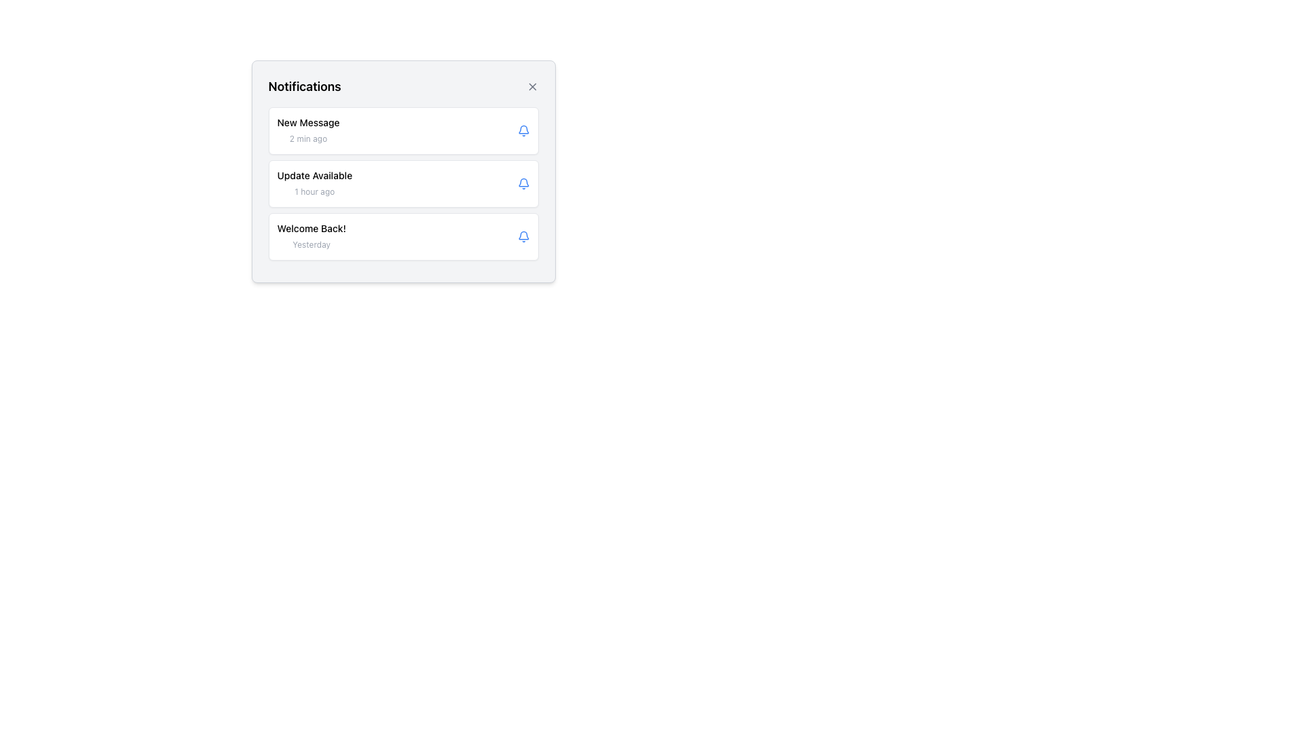 This screenshot has width=1303, height=733. What do you see at coordinates (311, 244) in the screenshot?
I see `the text label displaying 'Yesterday' located beneath the title 'Welcome Back!' in the notification card` at bounding box center [311, 244].